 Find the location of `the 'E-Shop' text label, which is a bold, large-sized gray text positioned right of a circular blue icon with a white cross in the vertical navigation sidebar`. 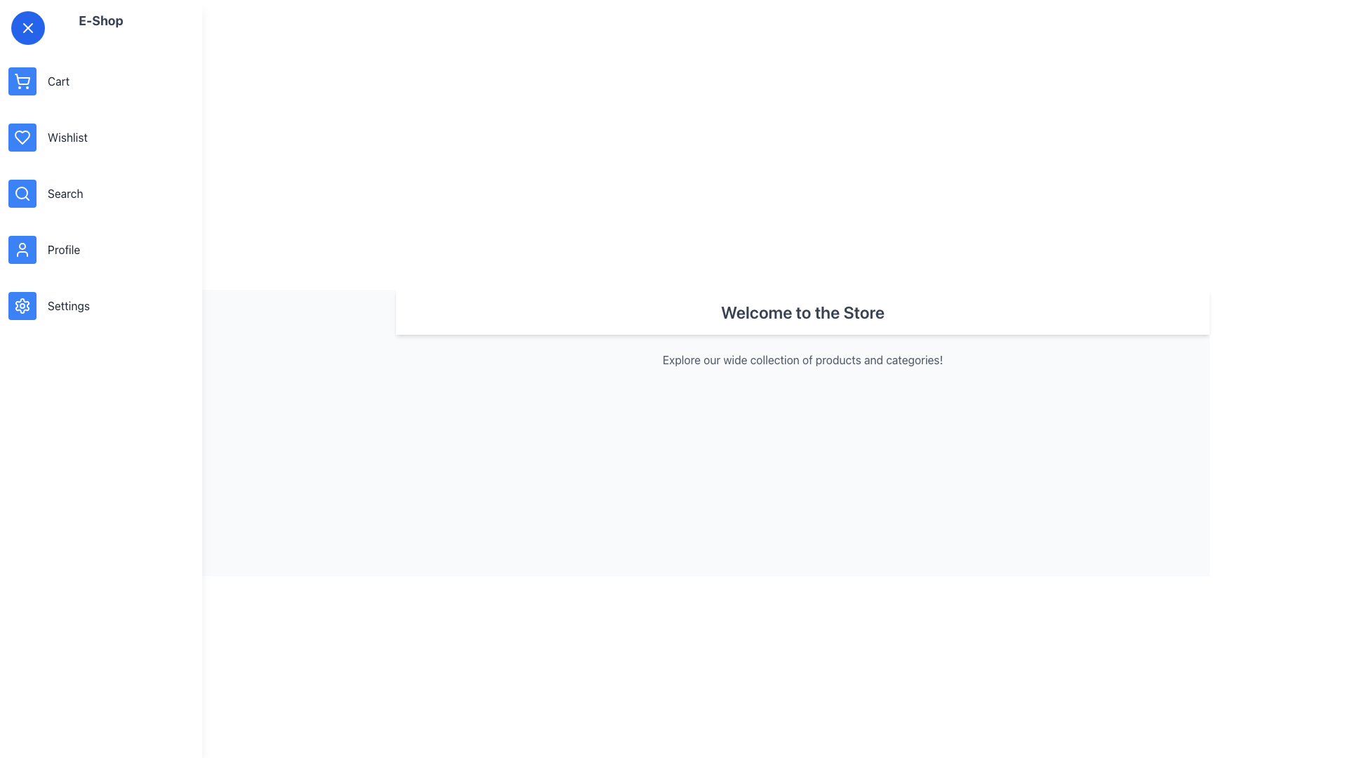

the 'E-Shop' text label, which is a bold, large-sized gray text positioned right of a circular blue icon with a white cross in the vertical navigation sidebar is located at coordinates (100, 21).